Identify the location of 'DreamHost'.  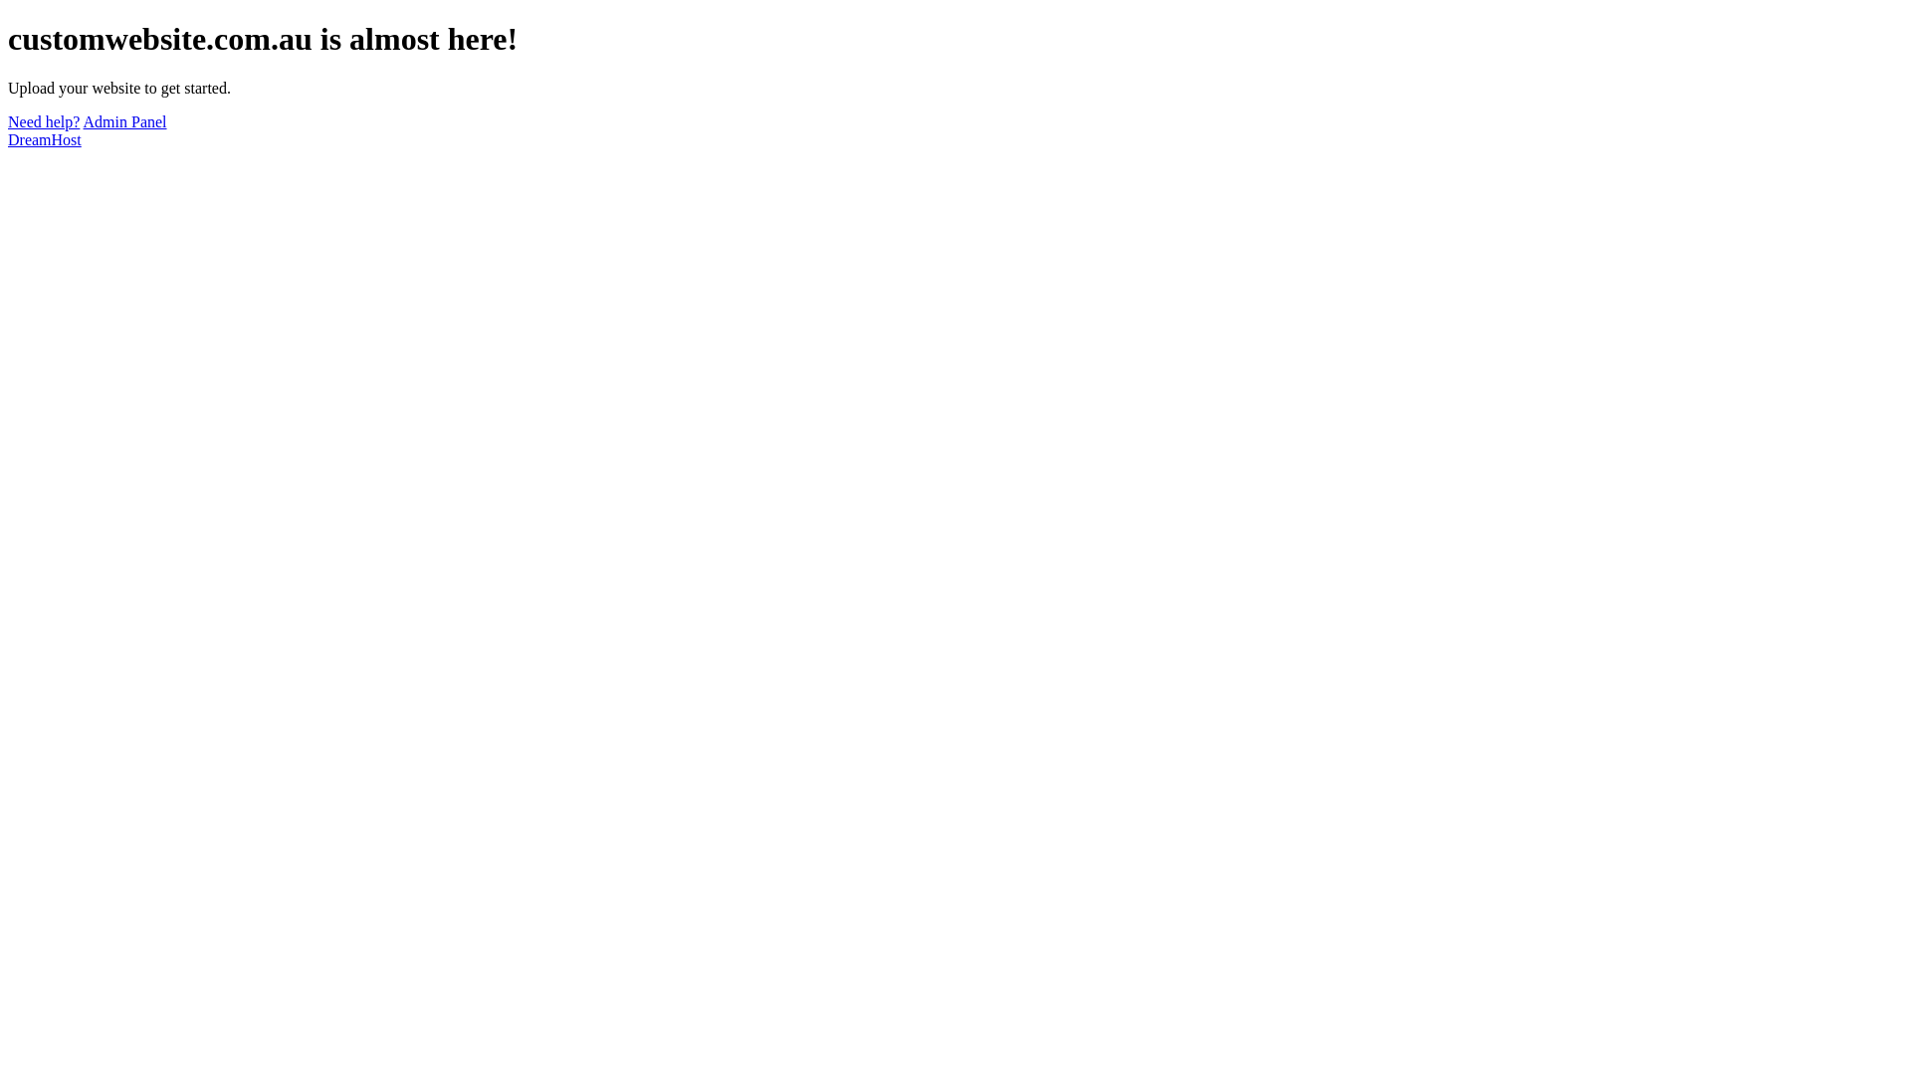
(44, 138).